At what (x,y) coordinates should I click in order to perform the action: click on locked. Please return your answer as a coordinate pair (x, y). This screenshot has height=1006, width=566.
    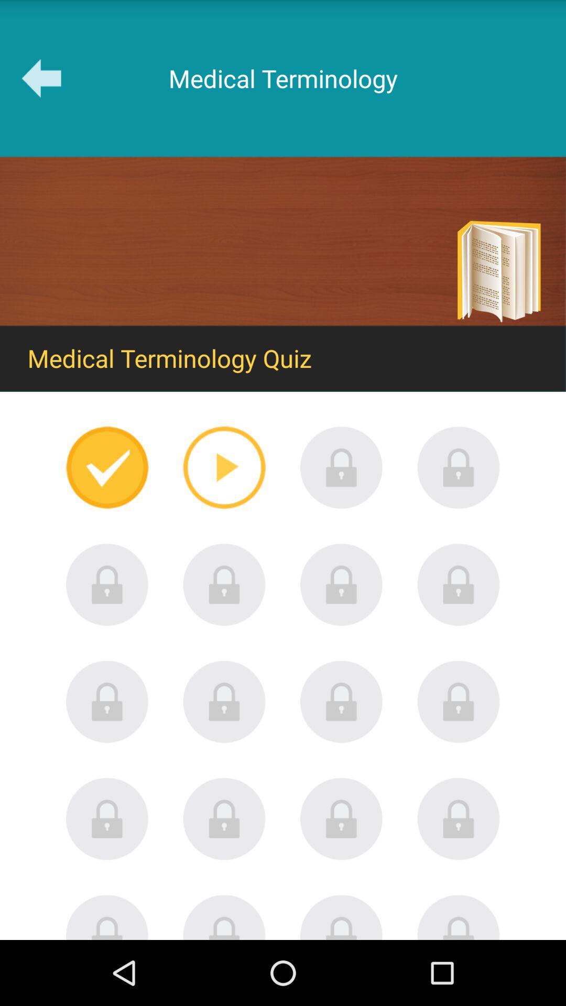
    Looking at the image, I should click on (107, 818).